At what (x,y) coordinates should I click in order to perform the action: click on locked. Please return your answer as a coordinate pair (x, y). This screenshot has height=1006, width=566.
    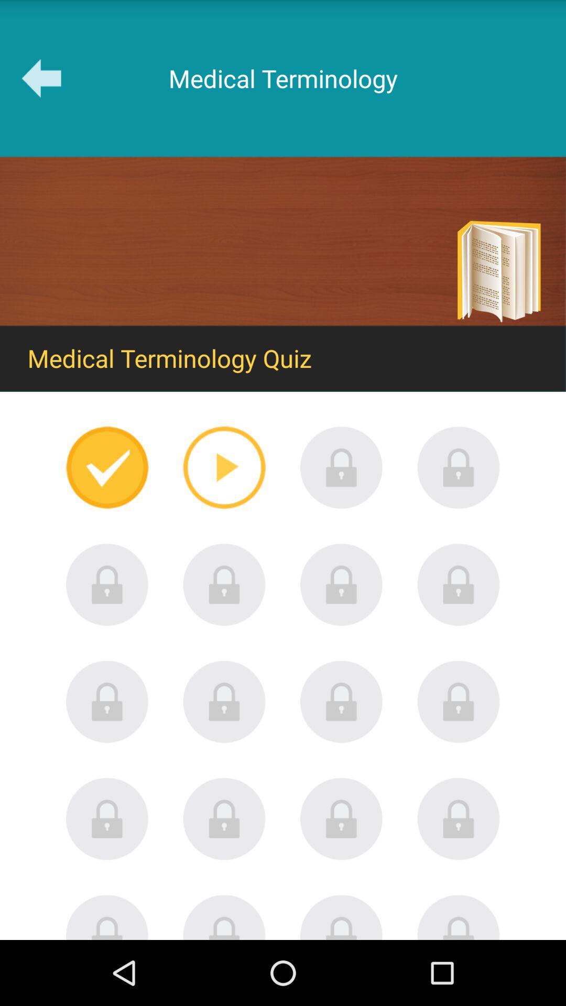
    Looking at the image, I should click on (107, 818).